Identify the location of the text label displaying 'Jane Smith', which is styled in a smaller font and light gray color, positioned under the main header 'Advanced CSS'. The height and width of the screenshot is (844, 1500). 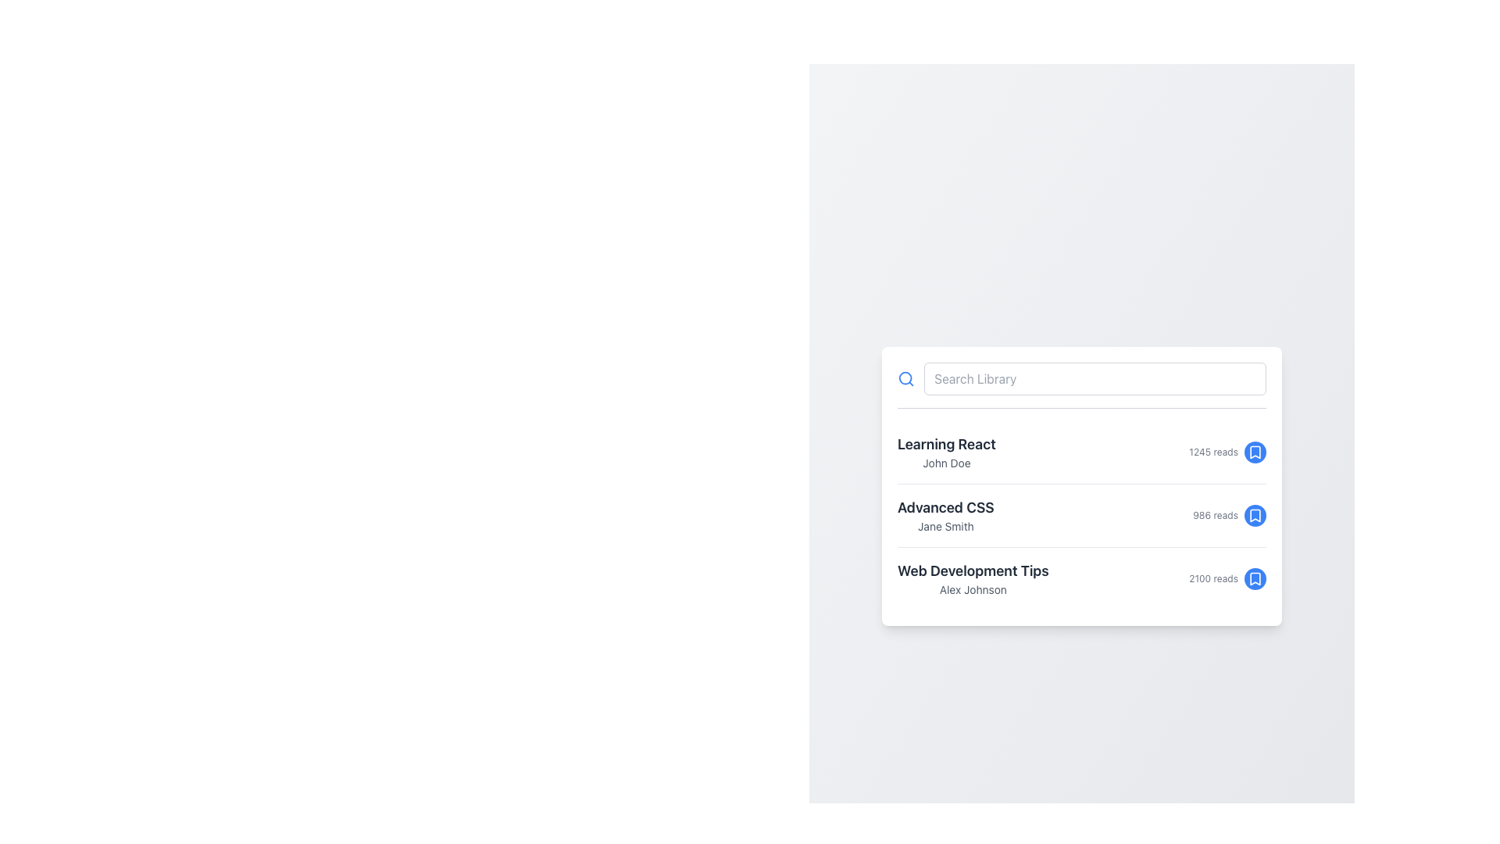
(945, 526).